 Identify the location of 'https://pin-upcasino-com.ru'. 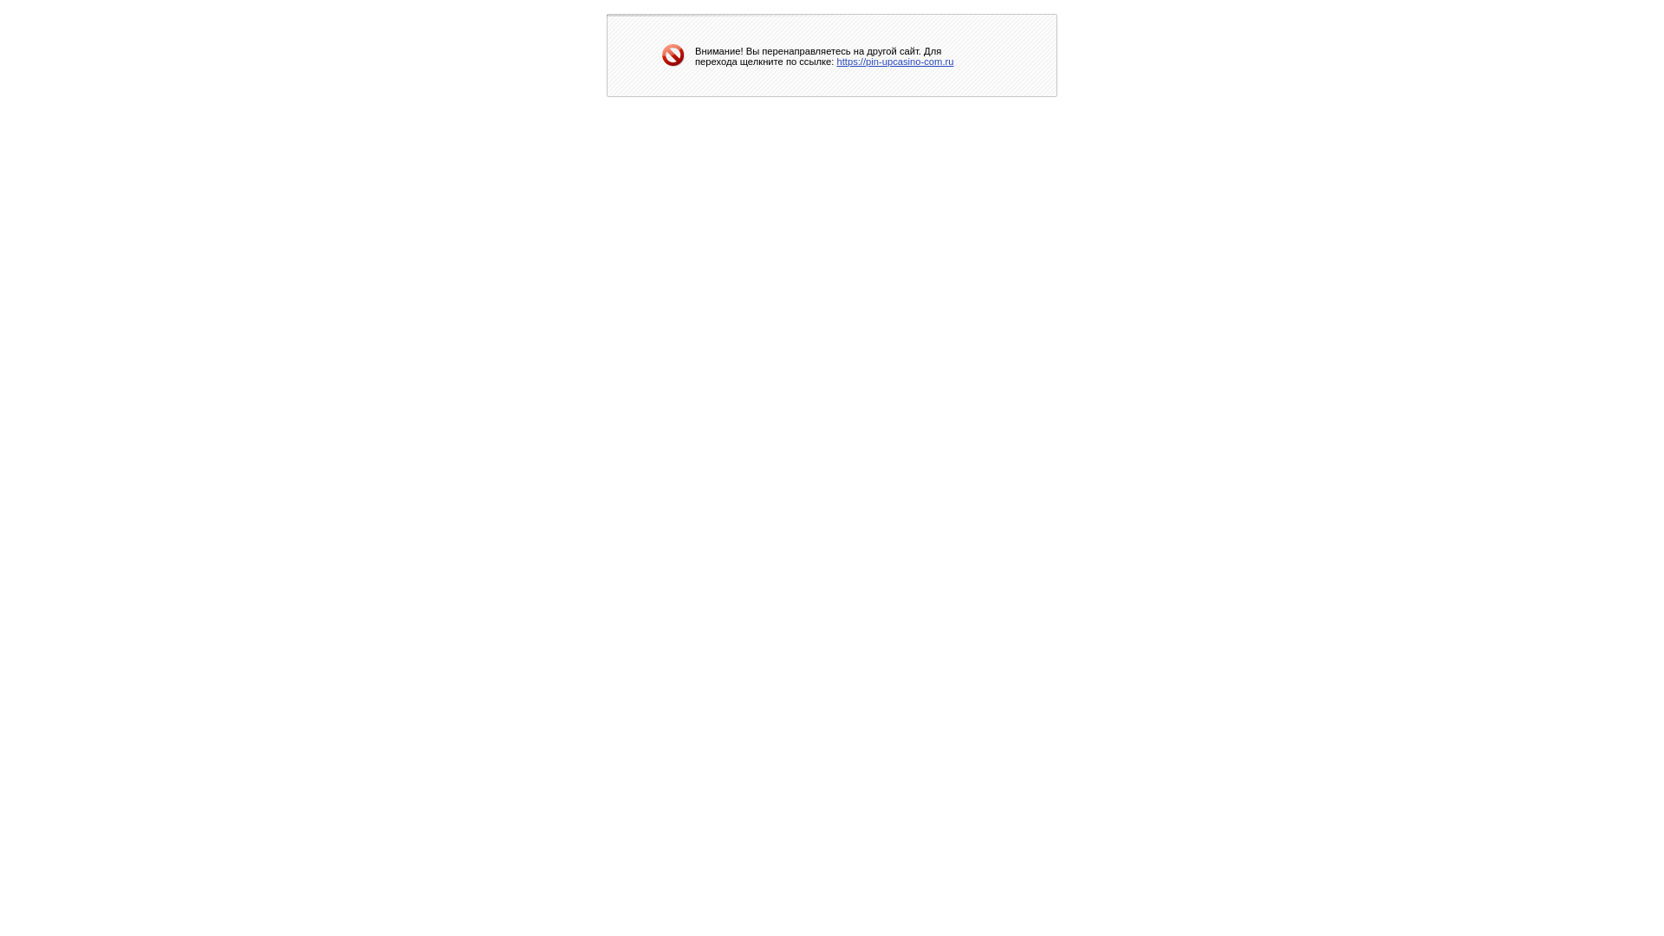
(836, 59).